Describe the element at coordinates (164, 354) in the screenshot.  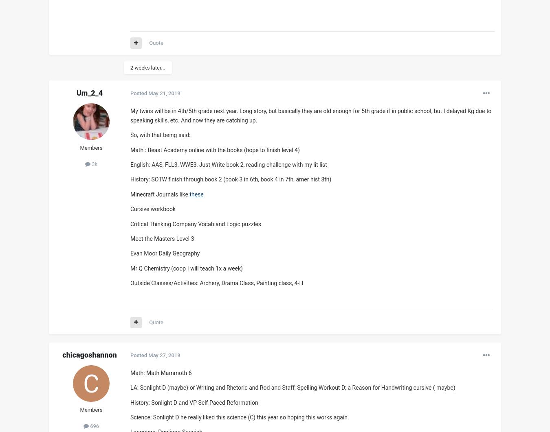
I see `'May 27, 2019'` at that location.